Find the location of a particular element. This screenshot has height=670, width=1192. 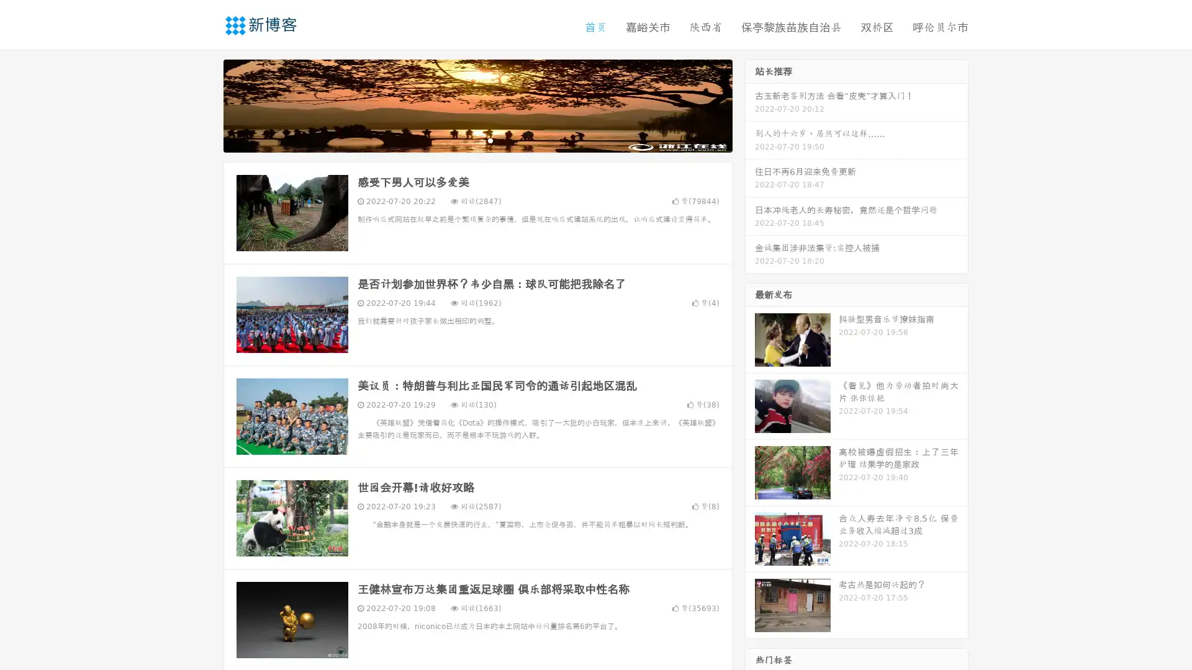

Previous slide is located at coordinates (205, 104).